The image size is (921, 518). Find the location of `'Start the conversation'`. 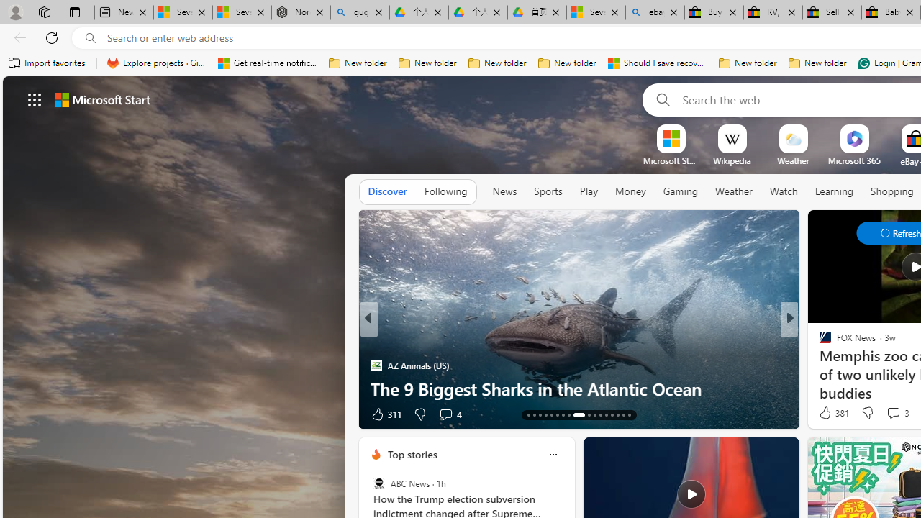

'Start the conversation' is located at coordinates (888, 414).